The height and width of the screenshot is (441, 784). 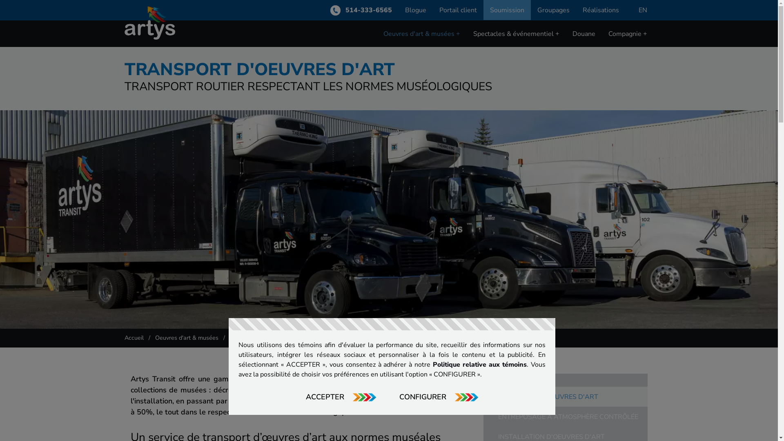 I want to click on 'EN', so click(x=642, y=10).